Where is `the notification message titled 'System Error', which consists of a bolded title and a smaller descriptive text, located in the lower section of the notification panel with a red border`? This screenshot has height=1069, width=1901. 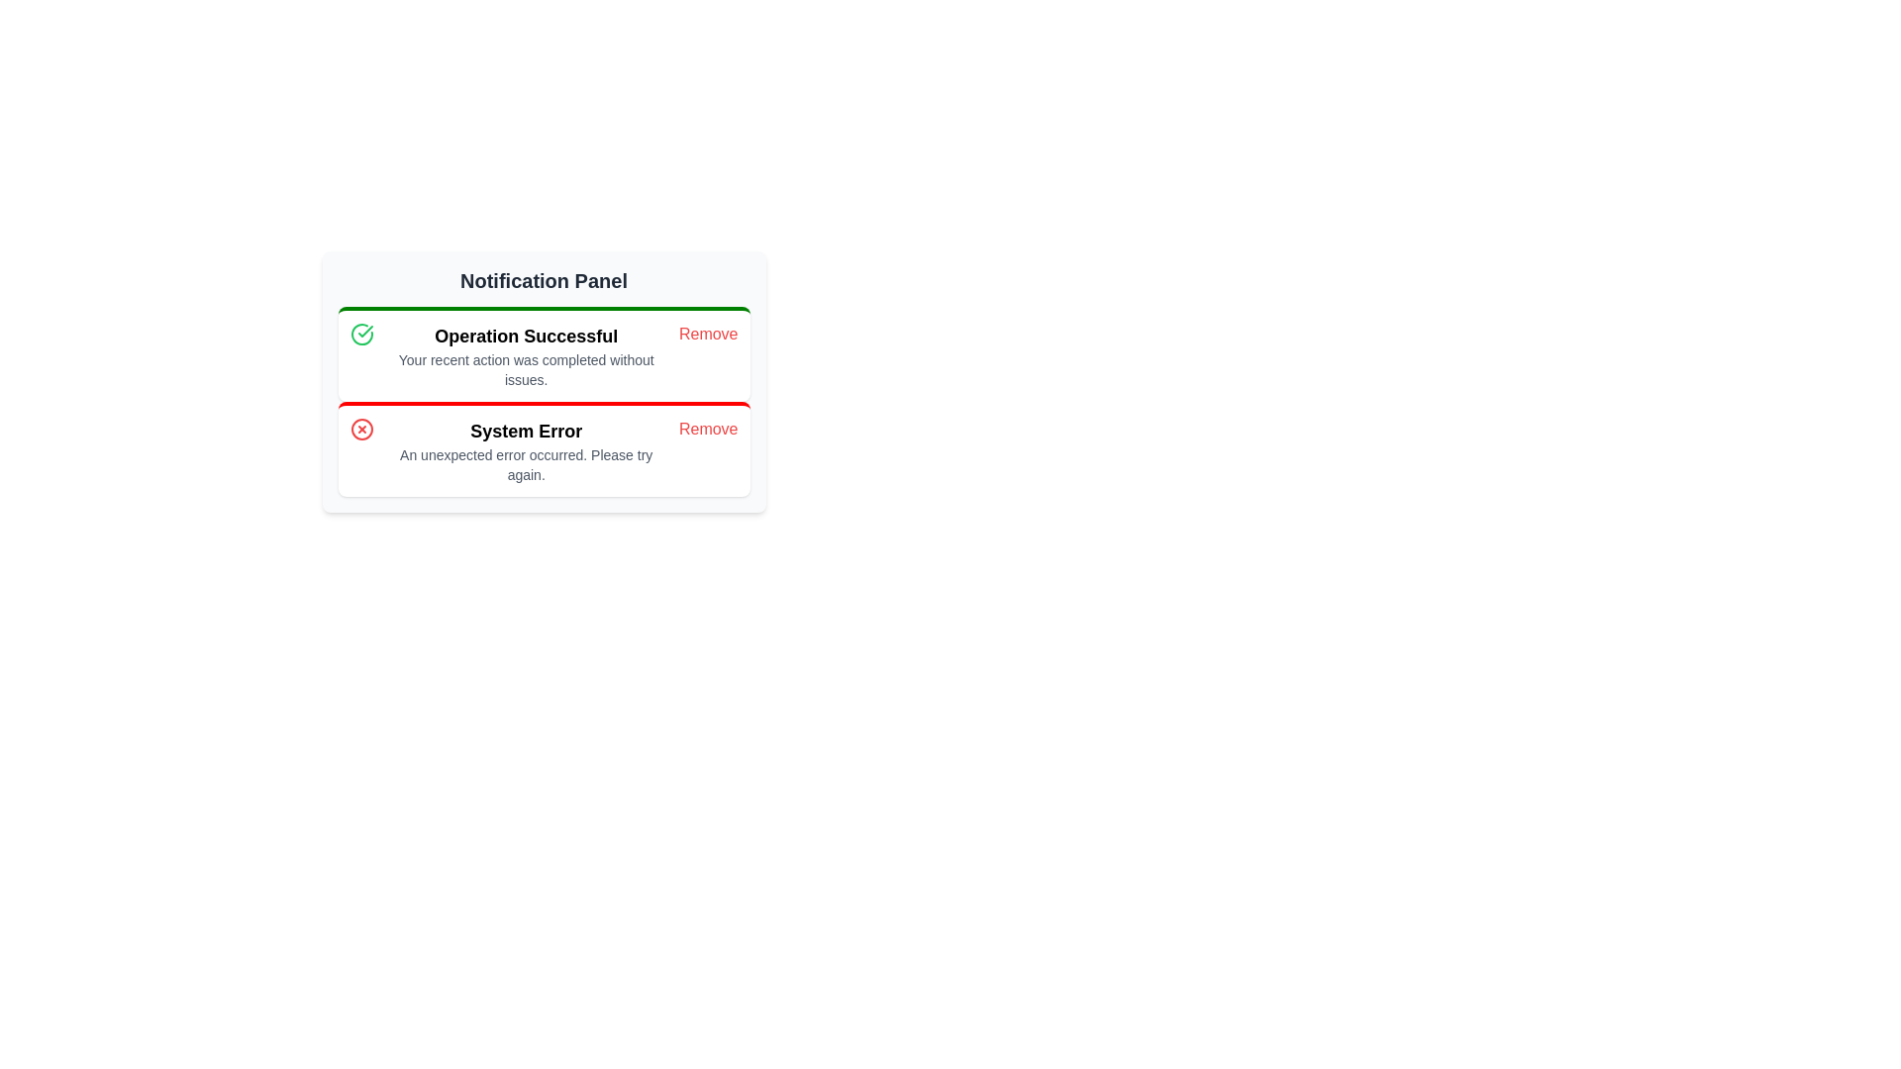
the notification message titled 'System Error', which consists of a bolded title and a smaller descriptive text, located in the lower section of the notification panel with a red border is located at coordinates (526, 450).